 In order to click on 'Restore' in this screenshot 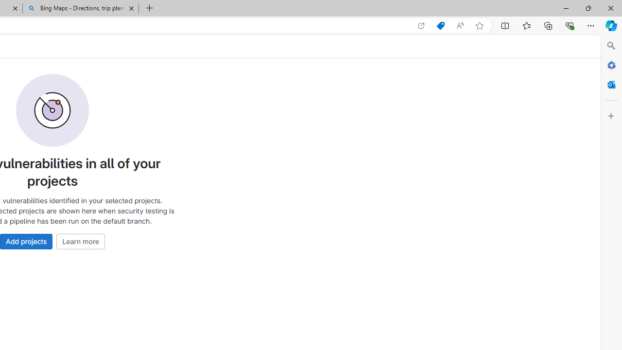, I will do `click(587, 8)`.